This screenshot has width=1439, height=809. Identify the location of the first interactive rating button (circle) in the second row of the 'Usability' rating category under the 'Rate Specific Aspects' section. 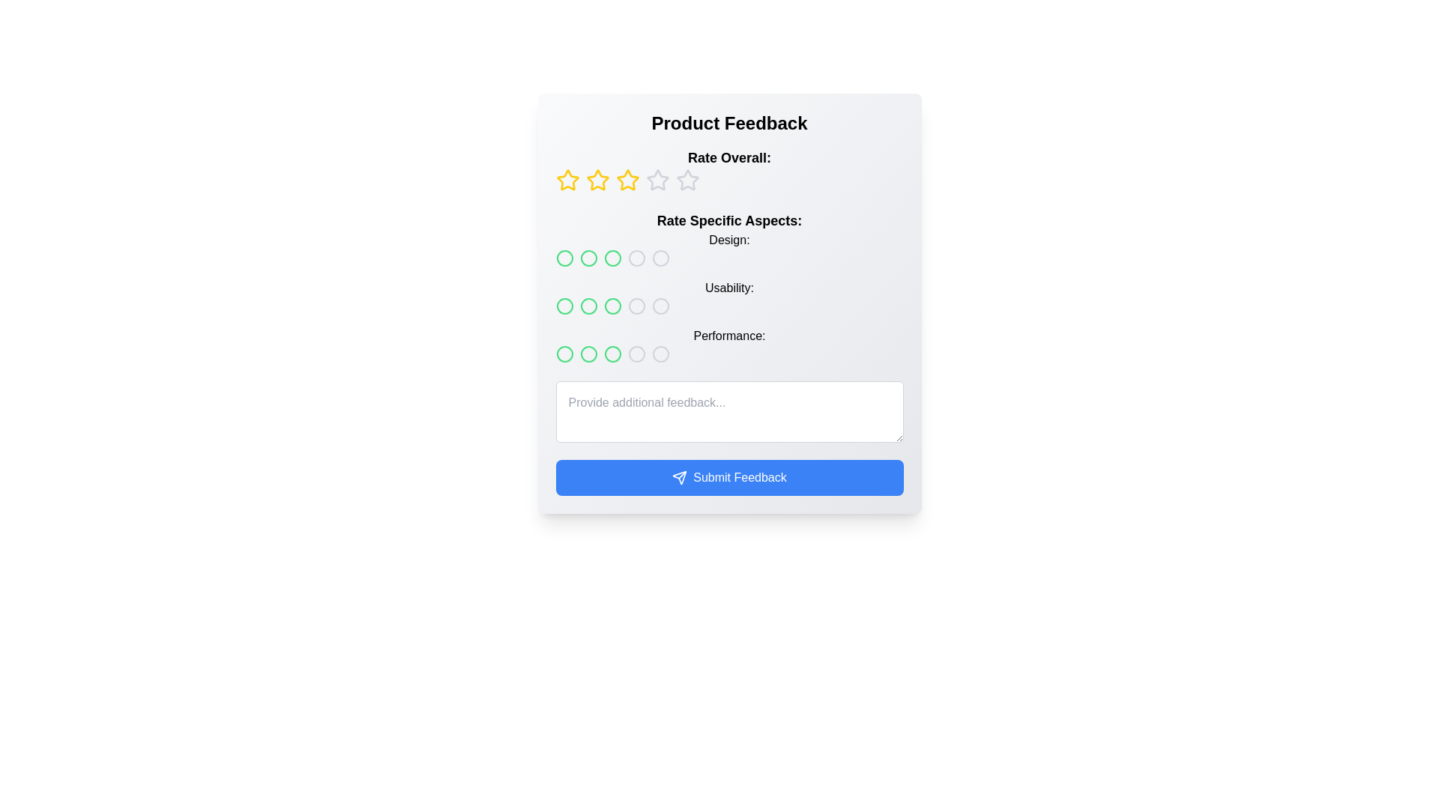
(564, 305).